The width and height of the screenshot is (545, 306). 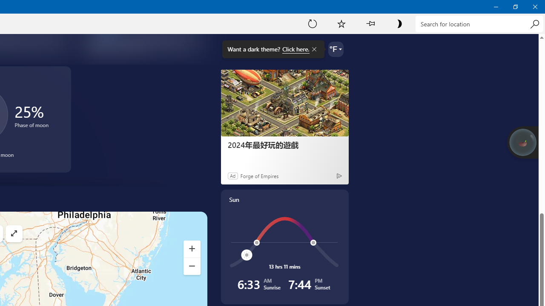 I want to click on 'Restore Weather', so click(x=515, y=6).